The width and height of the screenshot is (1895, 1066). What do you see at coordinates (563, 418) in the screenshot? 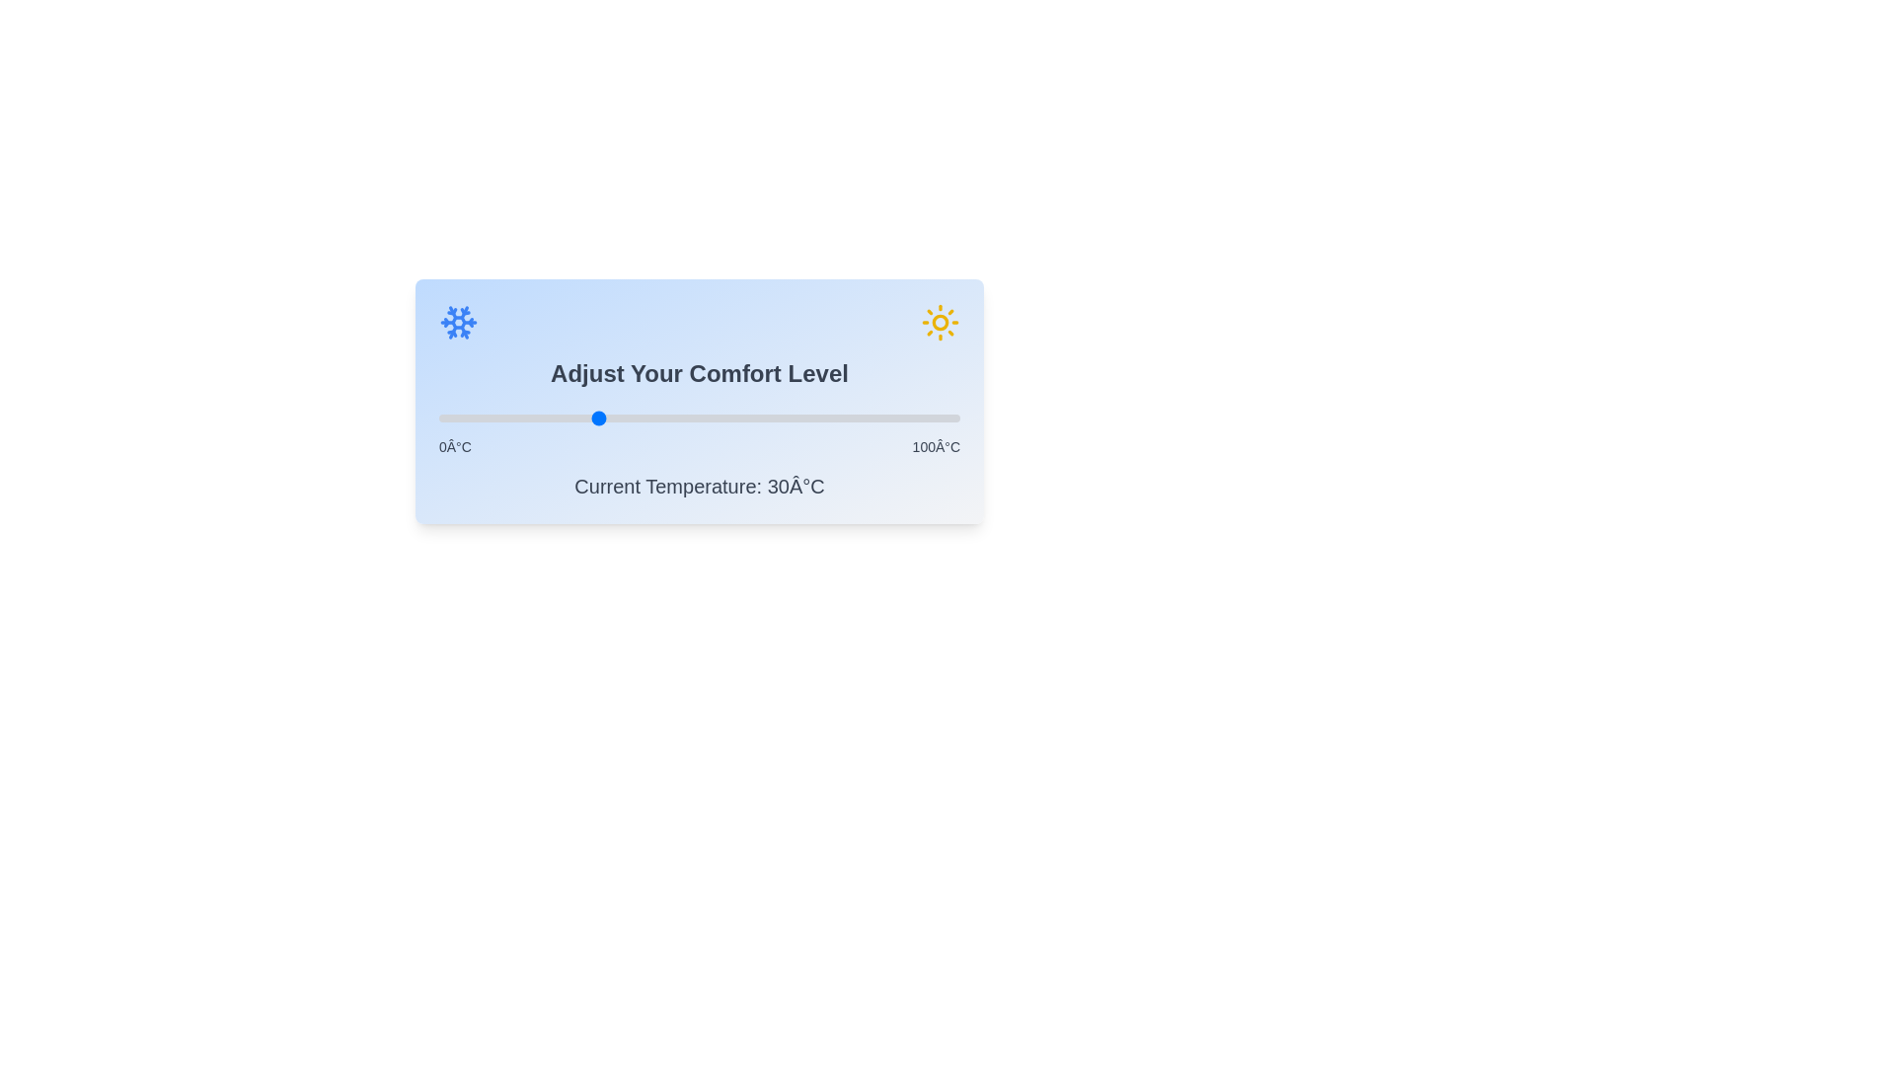
I see `the temperature slider to 24°C` at bounding box center [563, 418].